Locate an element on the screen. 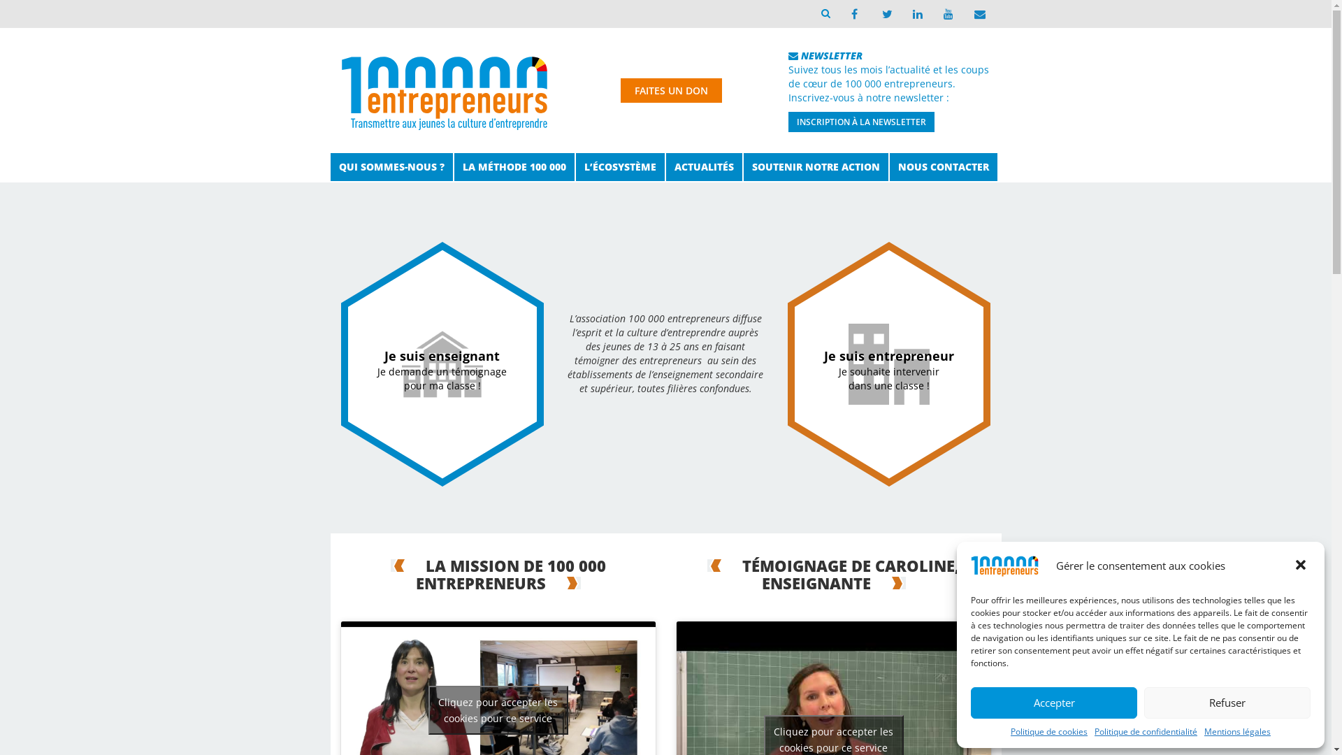  'Politique de cookies' is located at coordinates (1049, 731).